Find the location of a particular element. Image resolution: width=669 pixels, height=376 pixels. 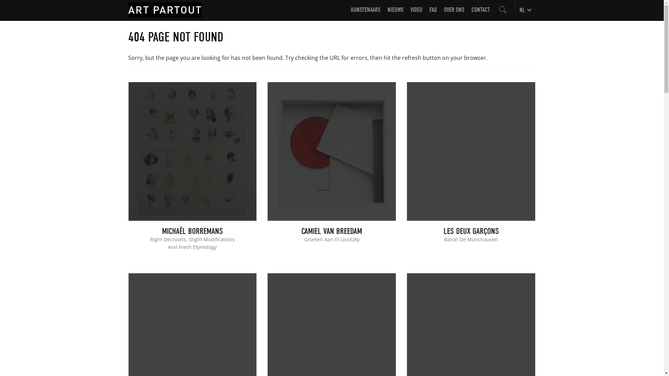

'FAQ' is located at coordinates (433, 13).